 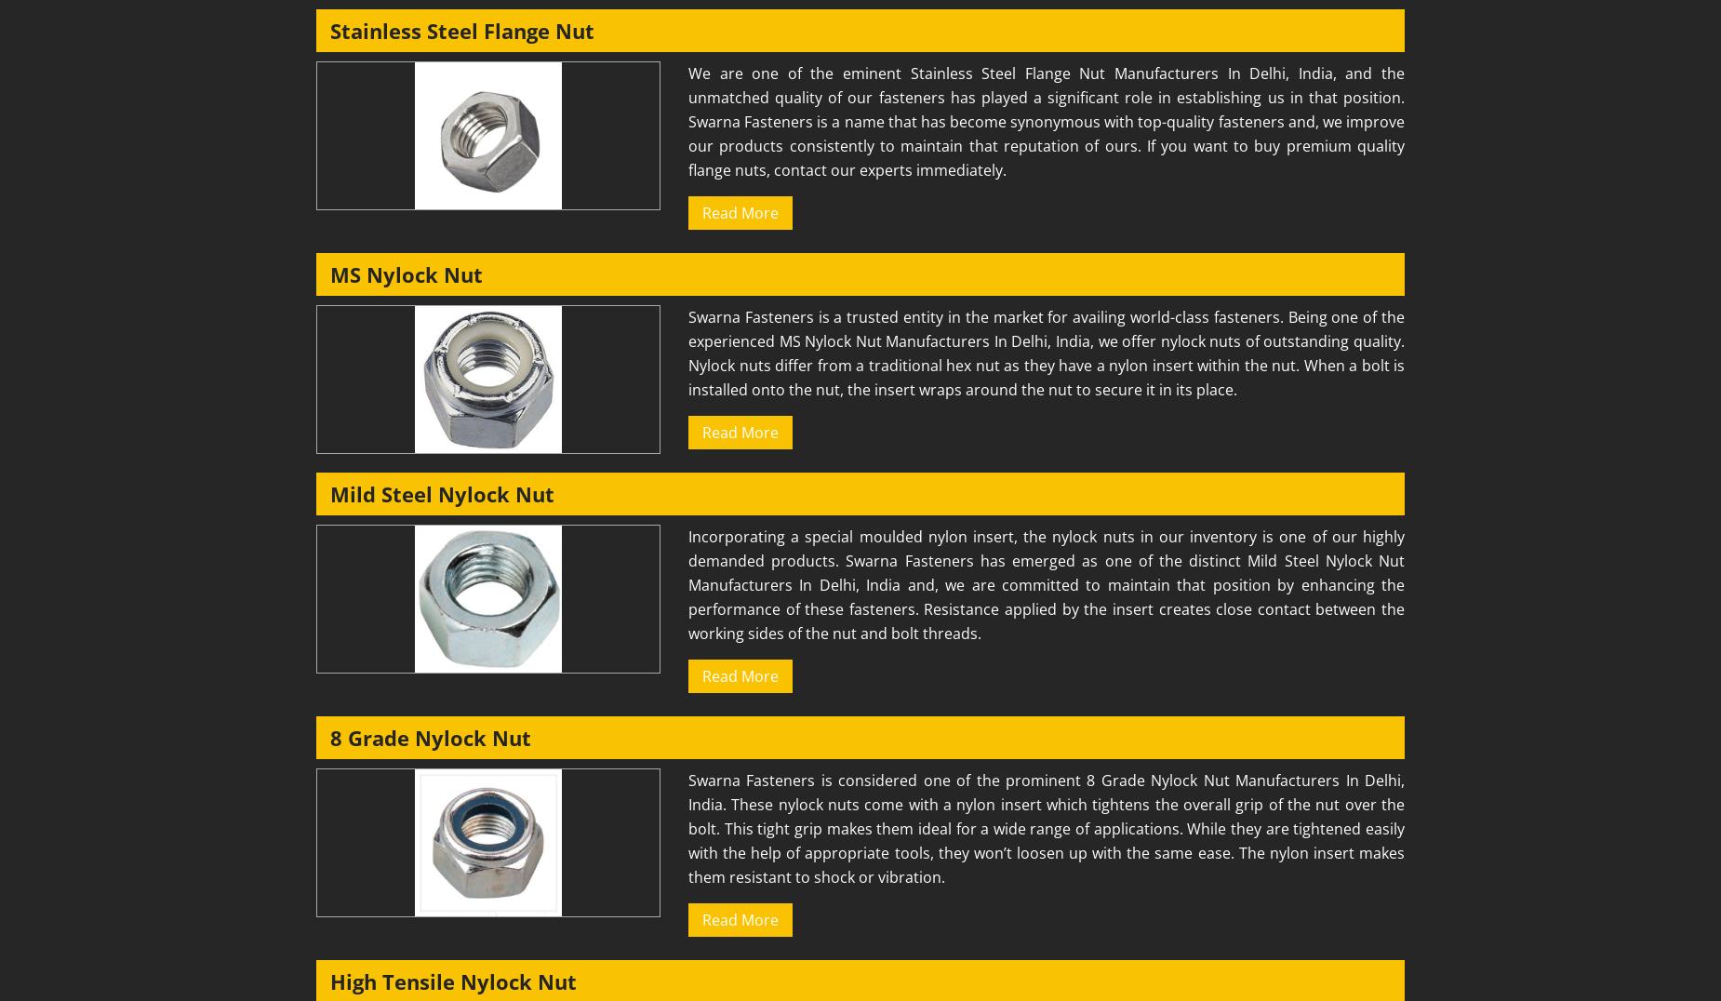 What do you see at coordinates (461, 30) in the screenshot?
I see `'Stainless Steel Flange Nut'` at bounding box center [461, 30].